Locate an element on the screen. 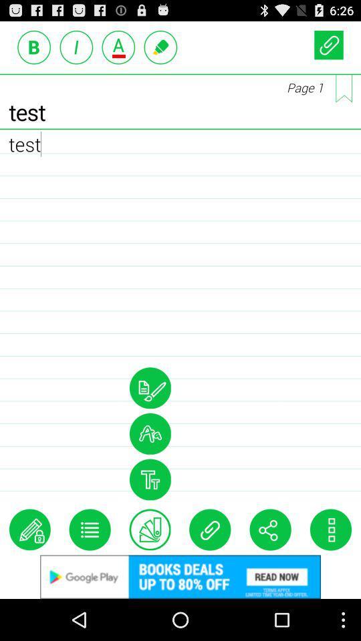 This screenshot has height=641, width=361. filter is located at coordinates (149, 479).